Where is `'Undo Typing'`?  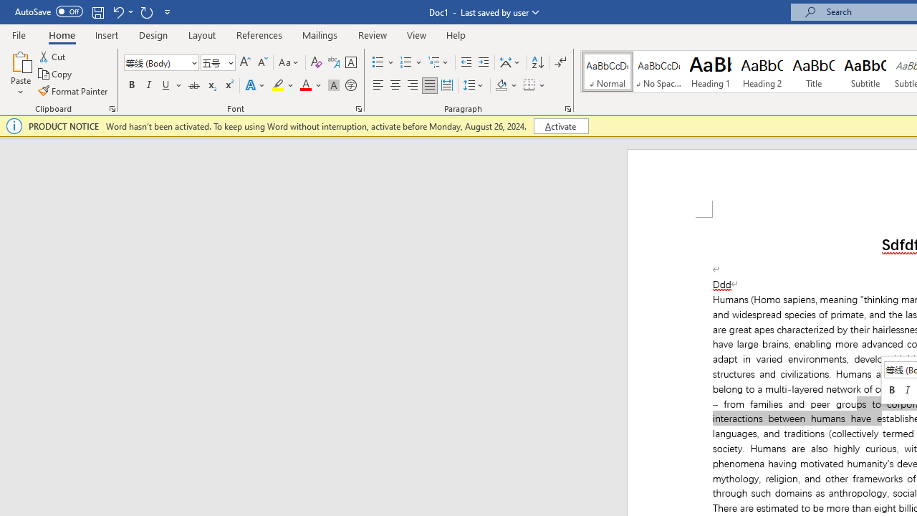
'Undo Typing' is located at coordinates (122, 11).